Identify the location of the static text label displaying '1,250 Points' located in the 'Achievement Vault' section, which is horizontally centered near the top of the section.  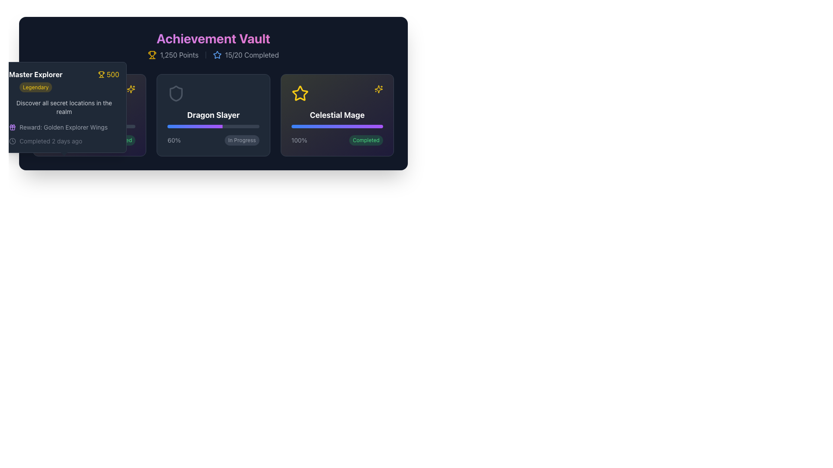
(179, 55).